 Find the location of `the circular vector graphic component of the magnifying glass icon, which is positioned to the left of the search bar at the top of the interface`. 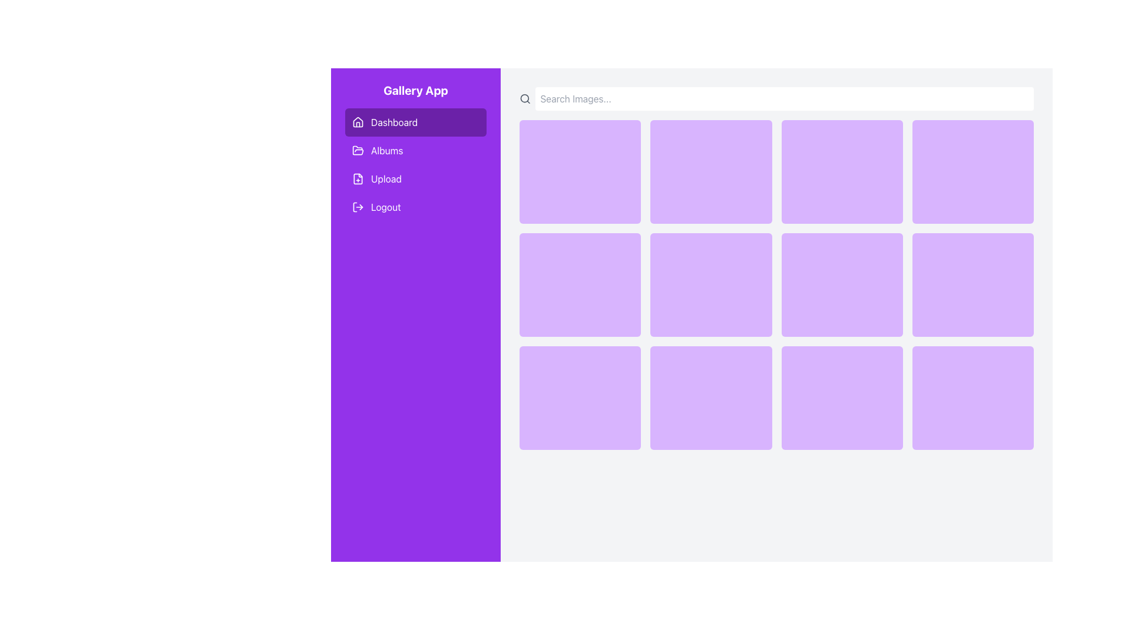

the circular vector graphic component of the magnifying glass icon, which is positioned to the left of the search bar at the top of the interface is located at coordinates (524, 98).